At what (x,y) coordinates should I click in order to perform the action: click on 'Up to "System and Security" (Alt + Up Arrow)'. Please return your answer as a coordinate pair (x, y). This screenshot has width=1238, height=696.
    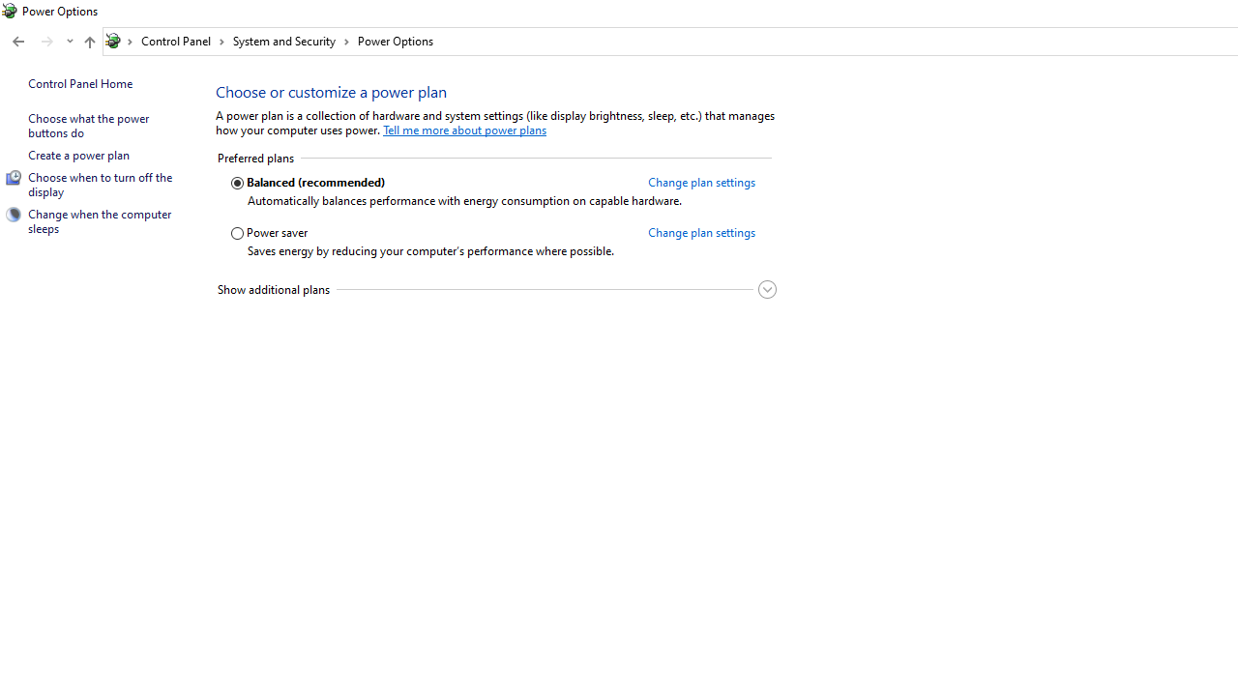
    Looking at the image, I should click on (88, 42).